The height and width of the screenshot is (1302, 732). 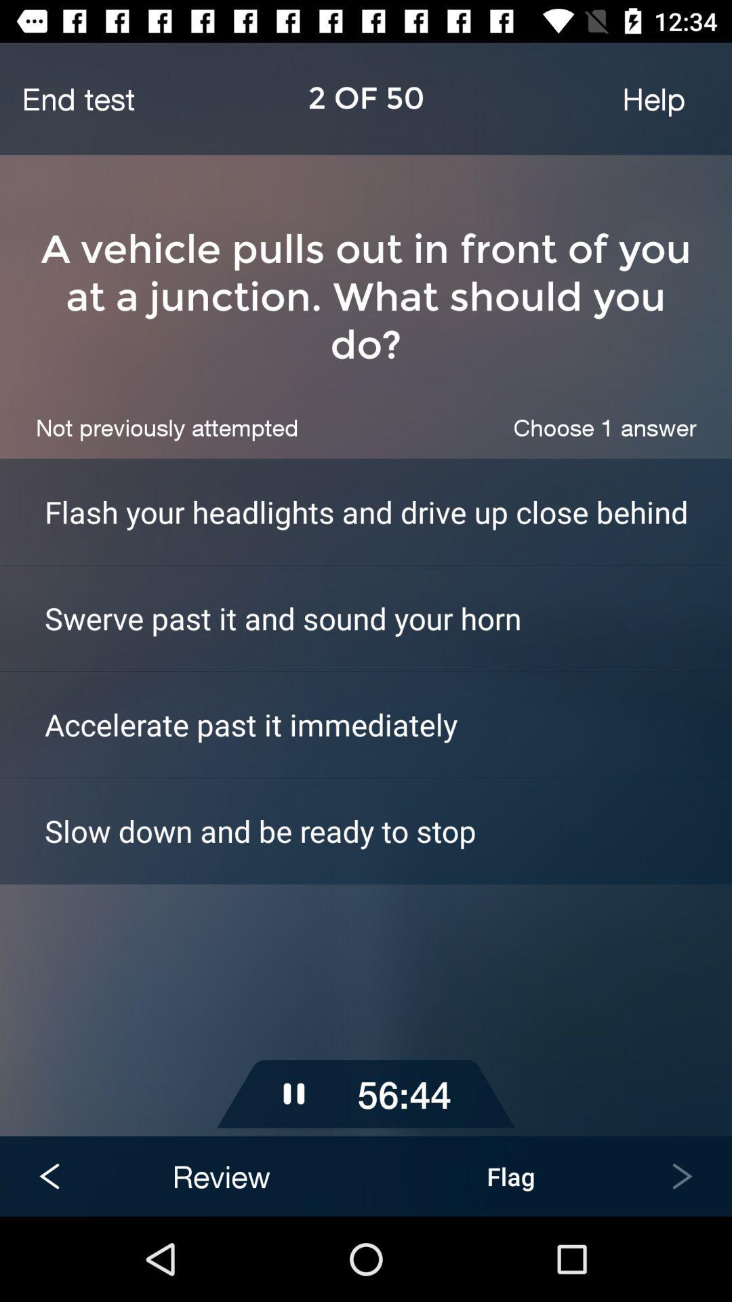 I want to click on the icon below the slow down and, so click(x=366, y=963).